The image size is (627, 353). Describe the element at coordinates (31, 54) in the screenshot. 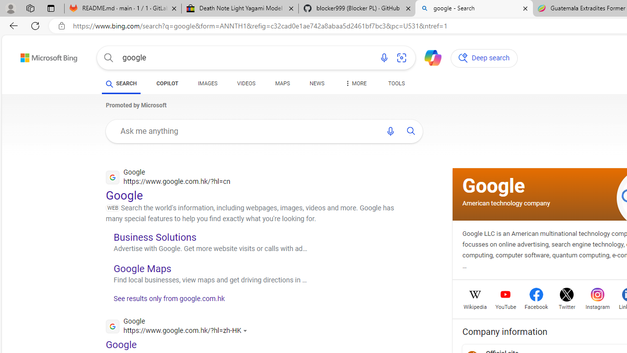

I see `'Skip to content'` at that location.